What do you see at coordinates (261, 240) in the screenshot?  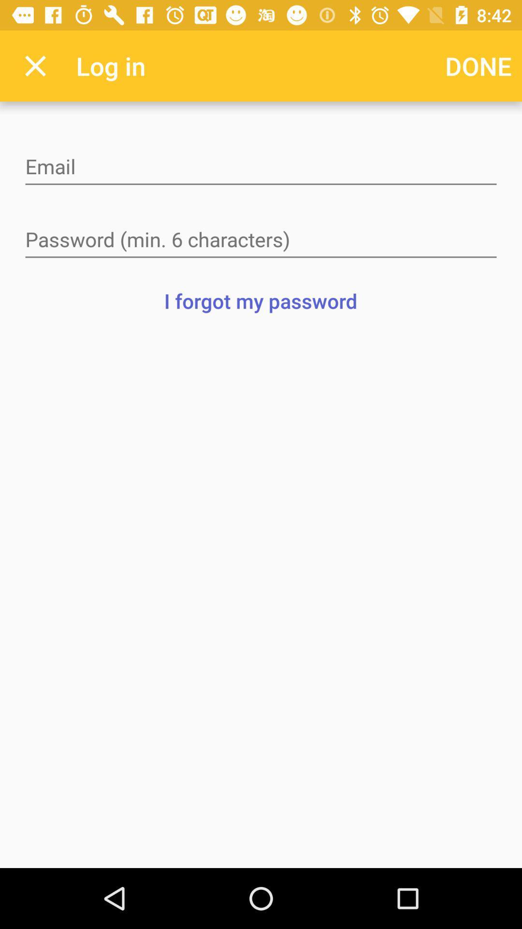 I see `password` at bounding box center [261, 240].